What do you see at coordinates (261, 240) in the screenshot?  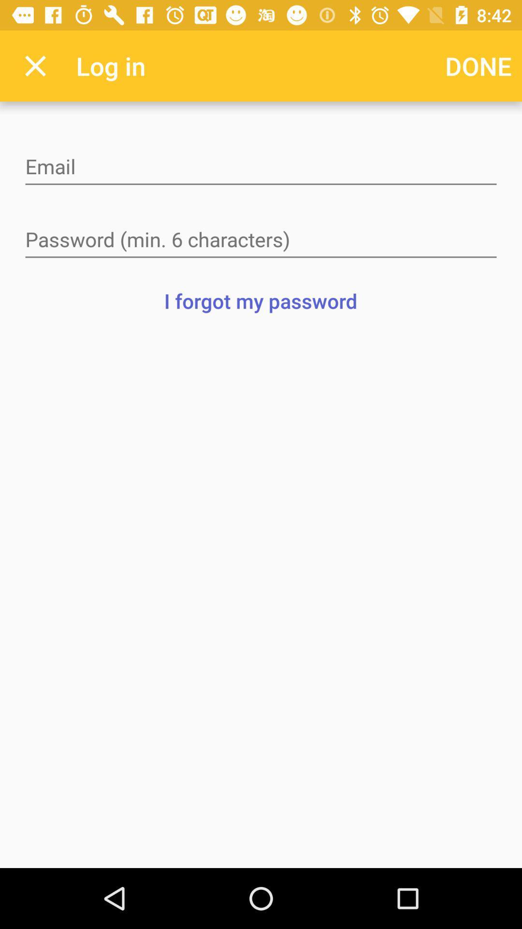 I see `password` at bounding box center [261, 240].